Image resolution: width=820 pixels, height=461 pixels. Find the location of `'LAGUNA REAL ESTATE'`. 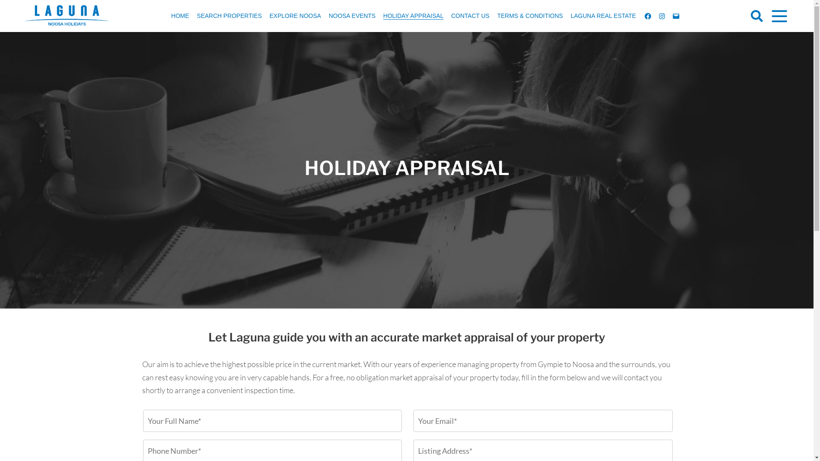

'LAGUNA REAL ESTATE' is located at coordinates (603, 16).